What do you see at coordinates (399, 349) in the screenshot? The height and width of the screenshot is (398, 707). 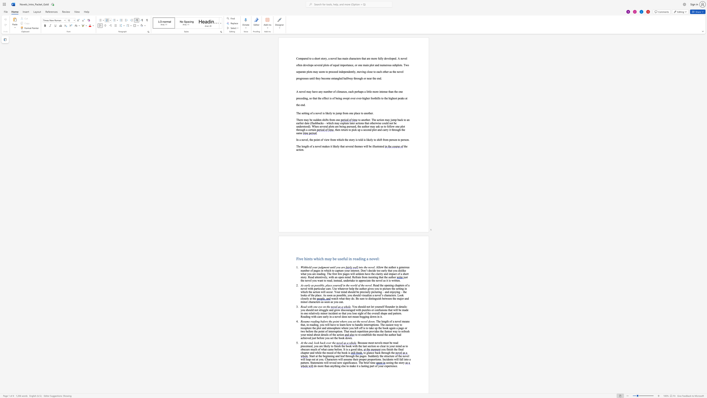 I see `the 1th character "f" in the text` at bounding box center [399, 349].